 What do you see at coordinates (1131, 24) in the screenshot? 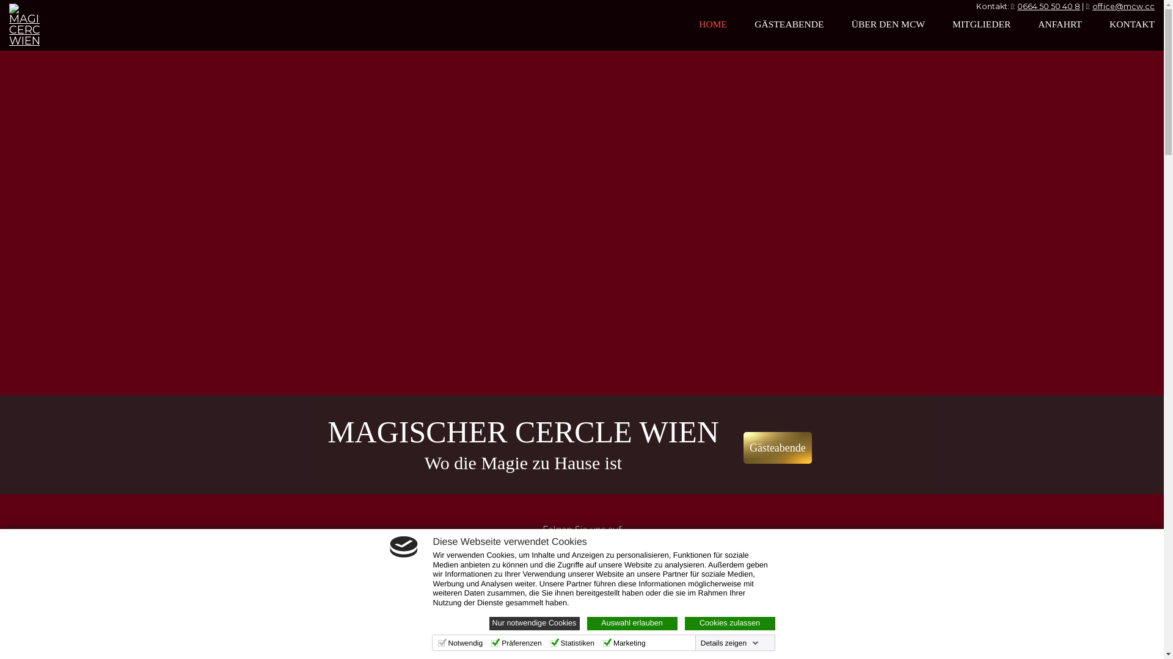
I see `'KONTAKT'` at bounding box center [1131, 24].